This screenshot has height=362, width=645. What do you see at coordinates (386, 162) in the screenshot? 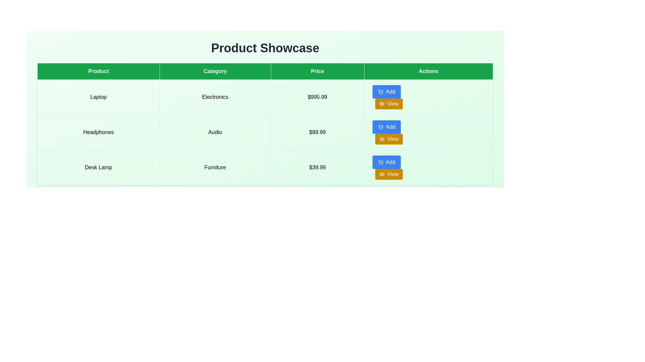
I see `the blue rectangular button labeled 'Add' with a shopping cart icon` at bounding box center [386, 162].